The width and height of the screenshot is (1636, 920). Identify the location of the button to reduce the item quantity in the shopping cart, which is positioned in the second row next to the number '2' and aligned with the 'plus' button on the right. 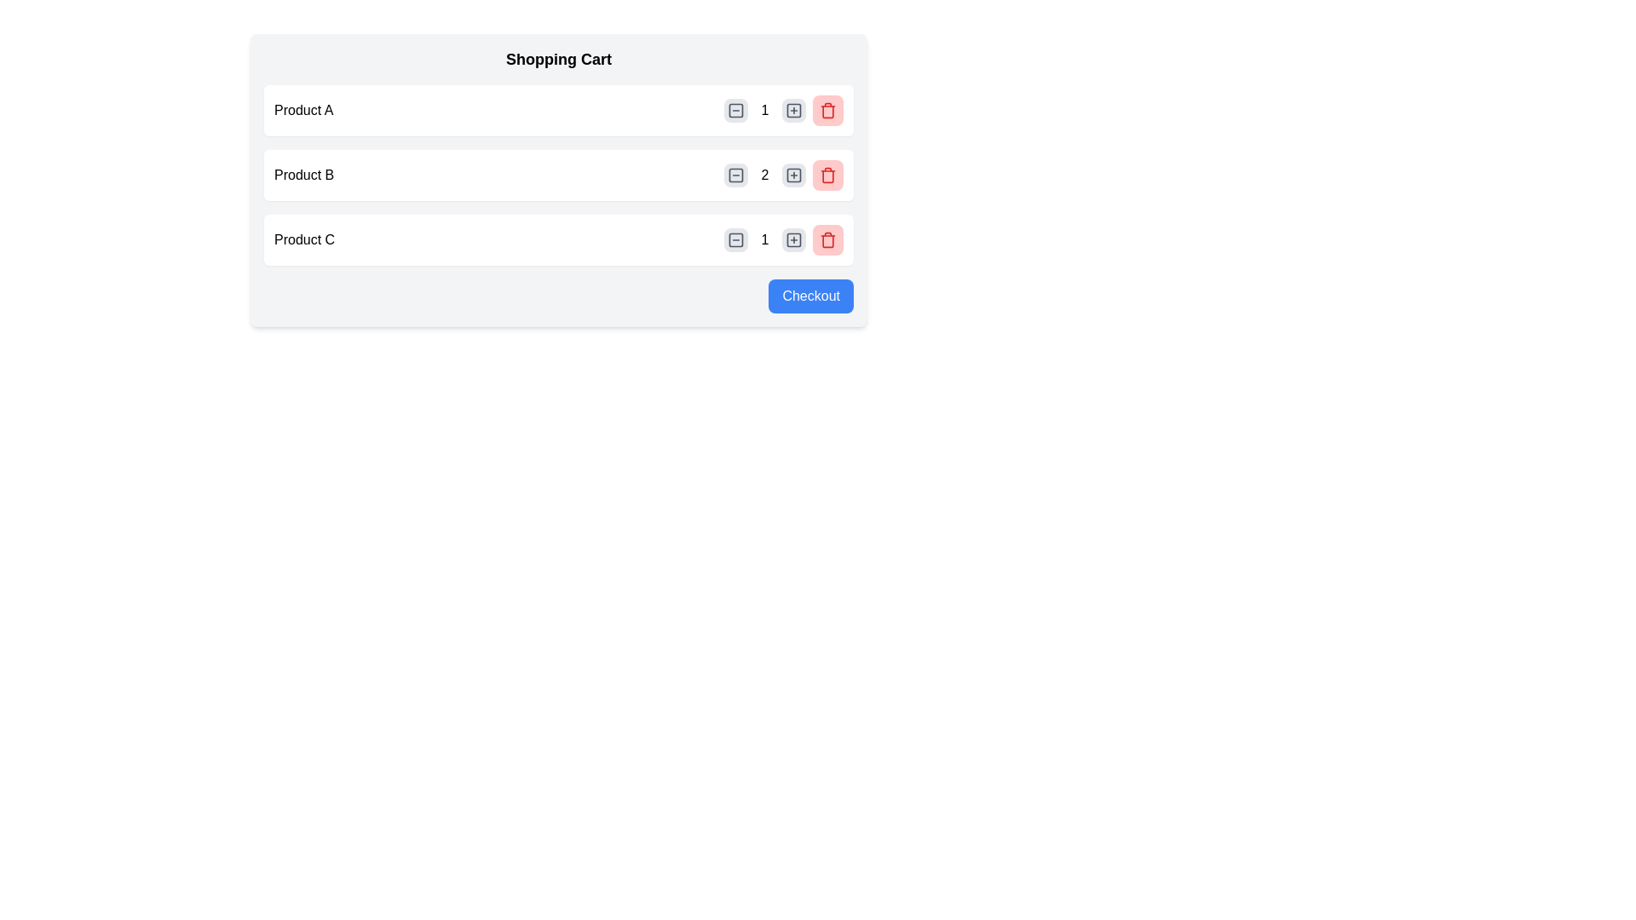
(736, 175).